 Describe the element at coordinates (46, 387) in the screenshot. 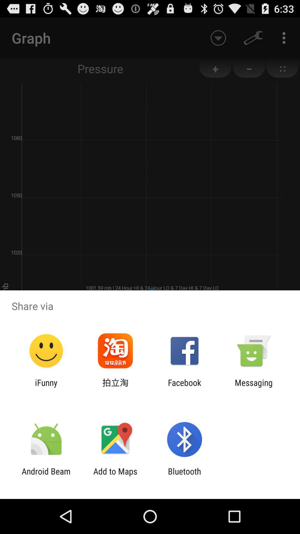

I see `ifunny app` at that location.